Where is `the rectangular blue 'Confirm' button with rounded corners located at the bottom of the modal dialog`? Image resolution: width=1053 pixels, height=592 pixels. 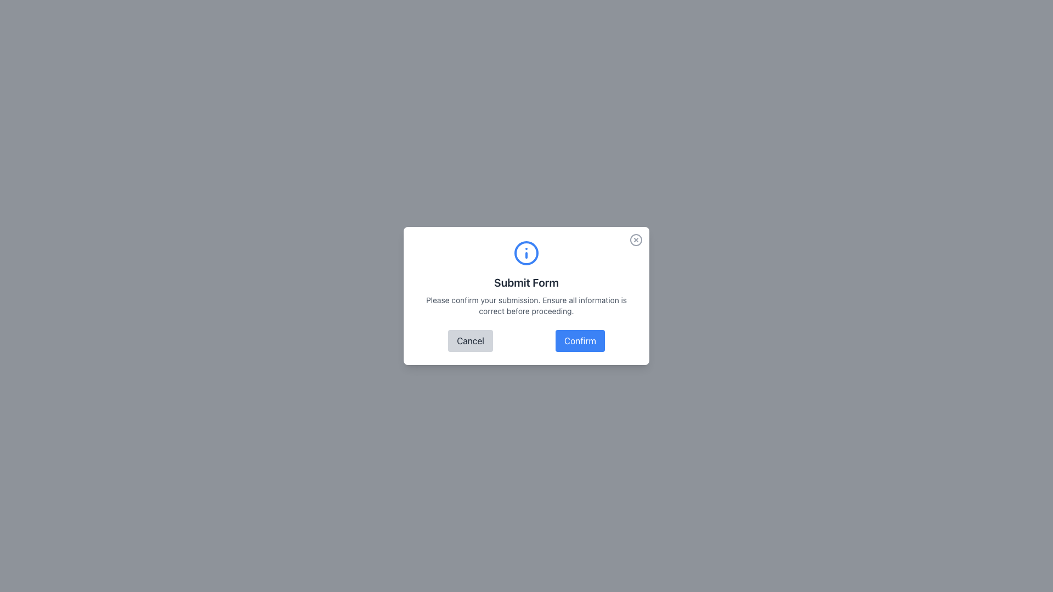 the rectangular blue 'Confirm' button with rounded corners located at the bottom of the modal dialog is located at coordinates (579, 340).